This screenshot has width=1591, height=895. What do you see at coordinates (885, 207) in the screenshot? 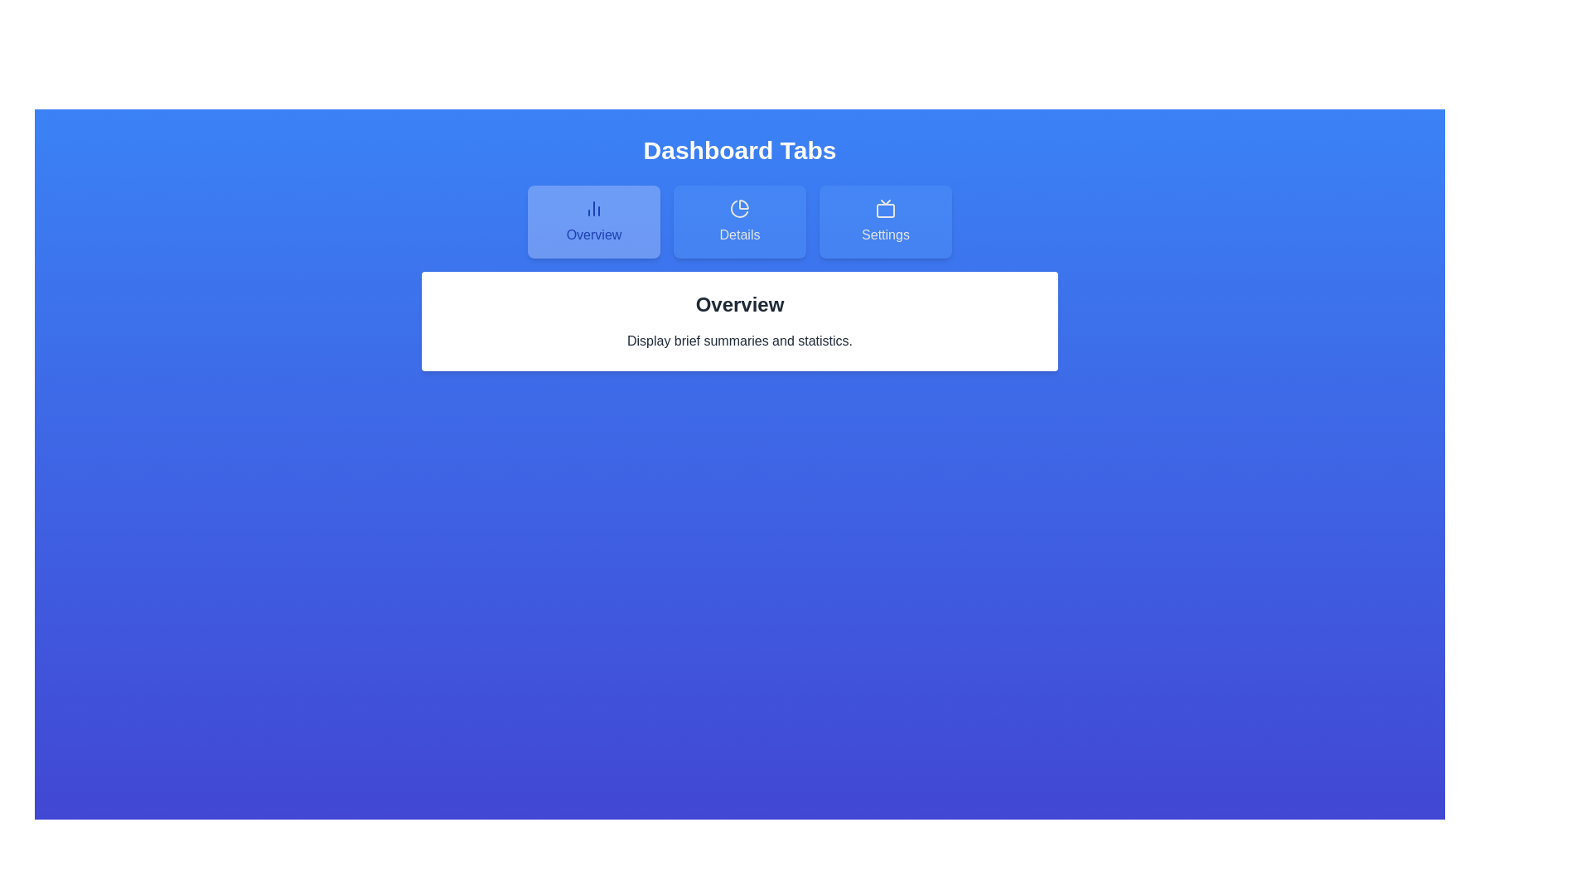
I see `the icon within the tab button labeled Settings` at bounding box center [885, 207].